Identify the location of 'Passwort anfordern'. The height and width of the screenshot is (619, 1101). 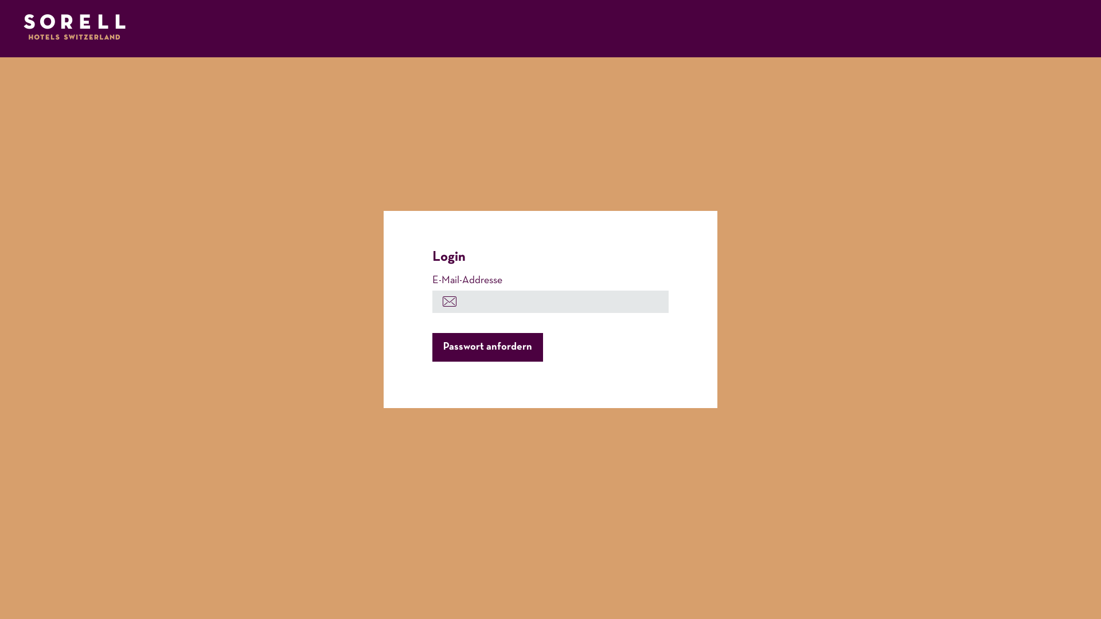
(487, 347).